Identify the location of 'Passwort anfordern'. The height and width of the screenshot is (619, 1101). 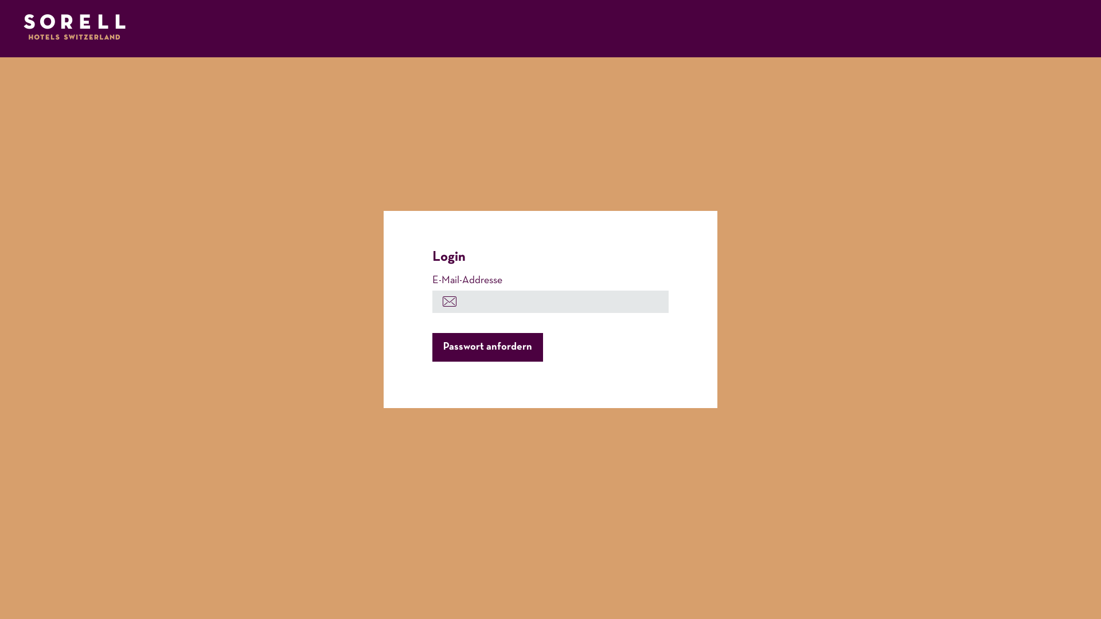
(487, 347).